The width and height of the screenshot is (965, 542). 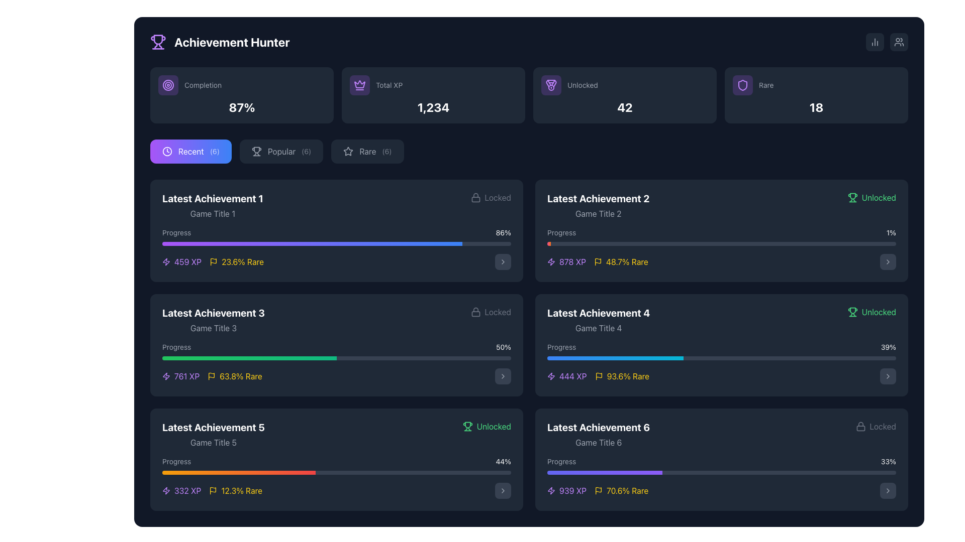 I want to click on visual information from the informational icon located in the top-left section of the layout, which is associated with achievements or progression data, so click(x=213, y=260).